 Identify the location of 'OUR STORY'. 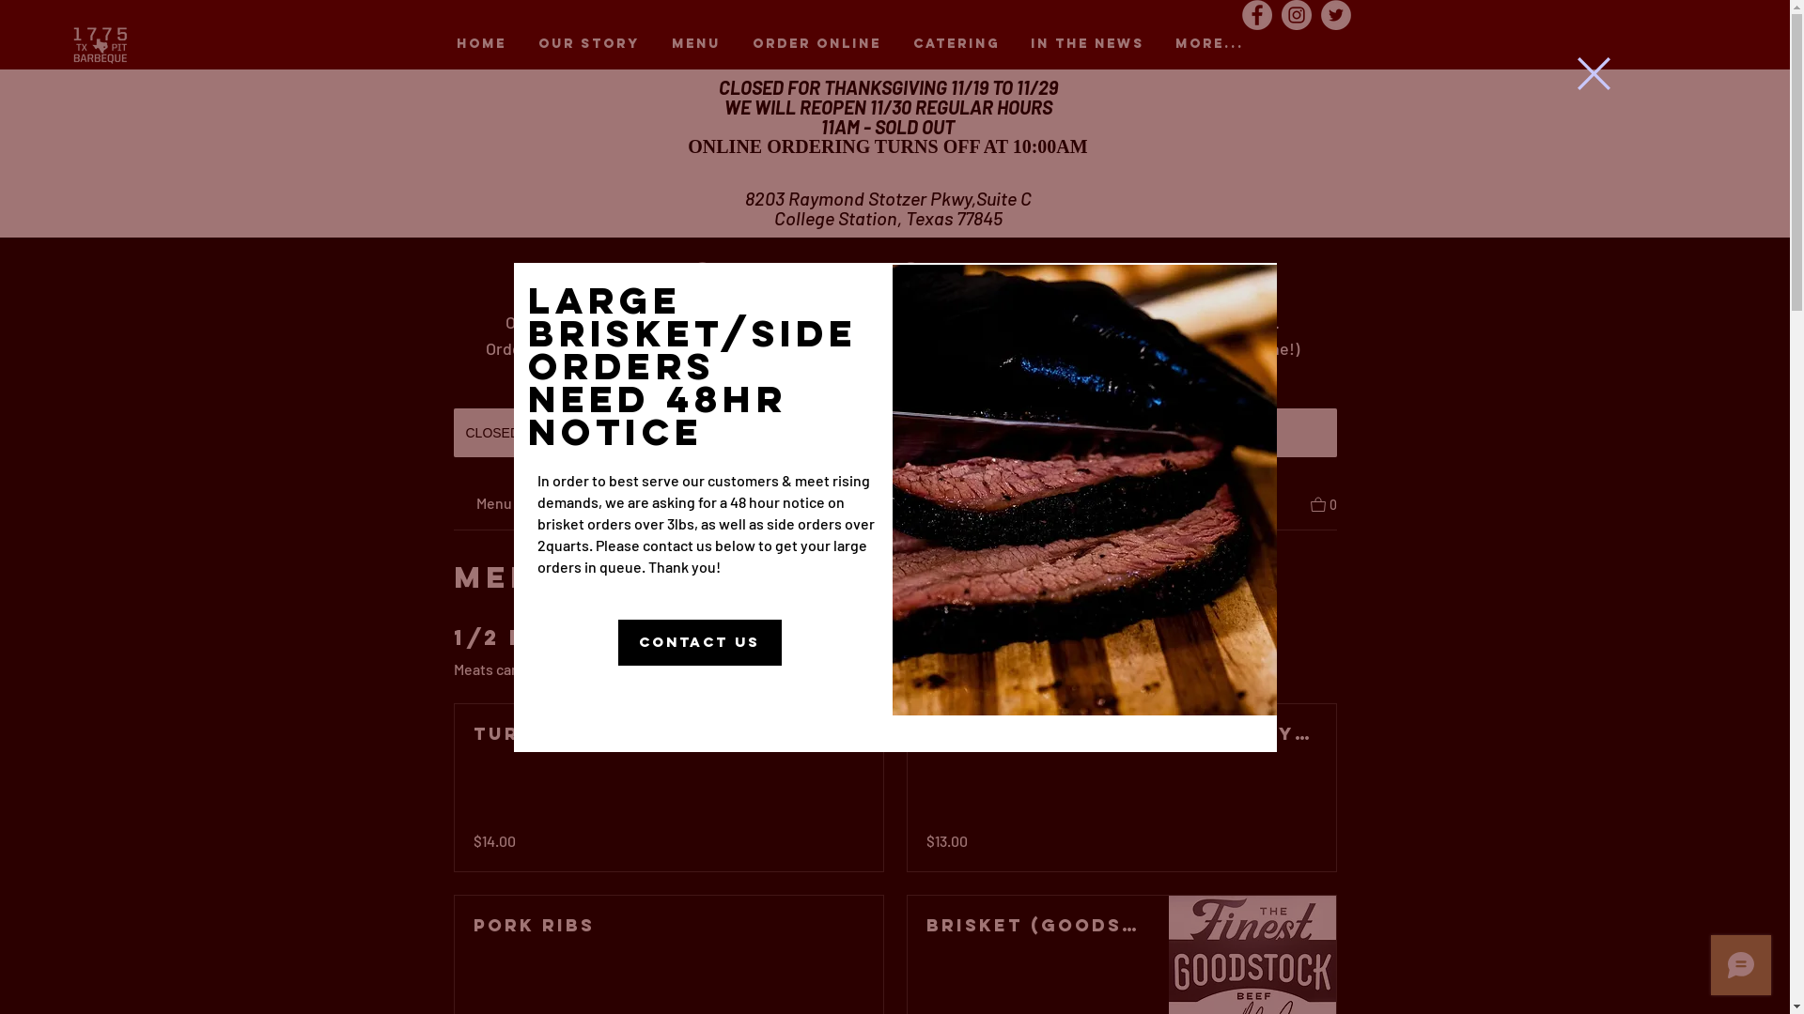
(588, 42).